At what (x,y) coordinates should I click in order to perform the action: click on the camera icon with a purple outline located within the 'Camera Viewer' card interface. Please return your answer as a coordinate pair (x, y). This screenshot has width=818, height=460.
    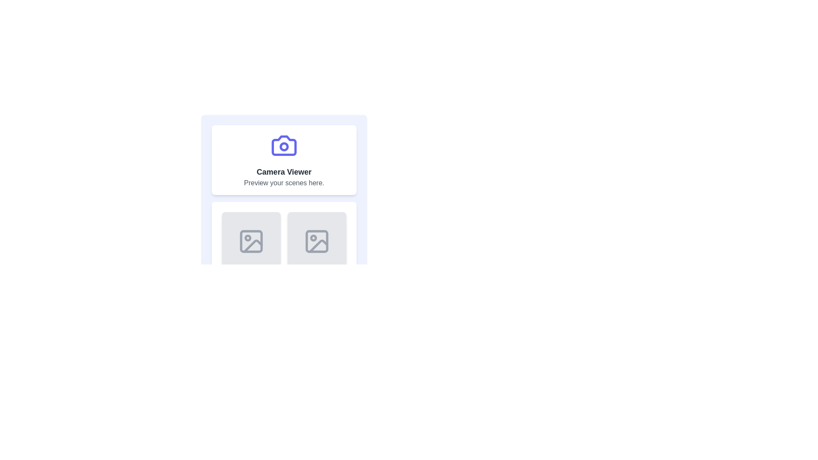
    Looking at the image, I should click on (284, 145).